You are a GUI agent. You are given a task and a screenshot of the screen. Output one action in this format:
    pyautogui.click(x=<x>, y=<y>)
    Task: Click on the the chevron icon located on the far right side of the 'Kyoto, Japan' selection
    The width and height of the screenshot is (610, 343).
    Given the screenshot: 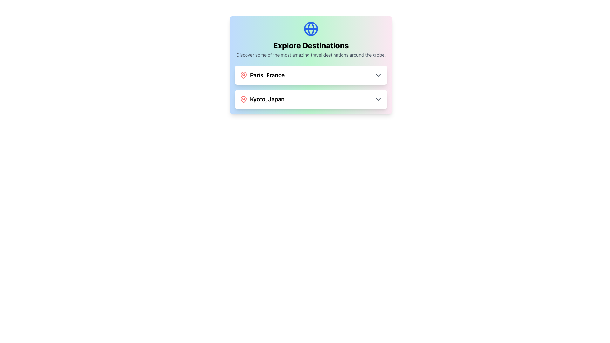 What is the action you would take?
    pyautogui.click(x=378, y=99)
    